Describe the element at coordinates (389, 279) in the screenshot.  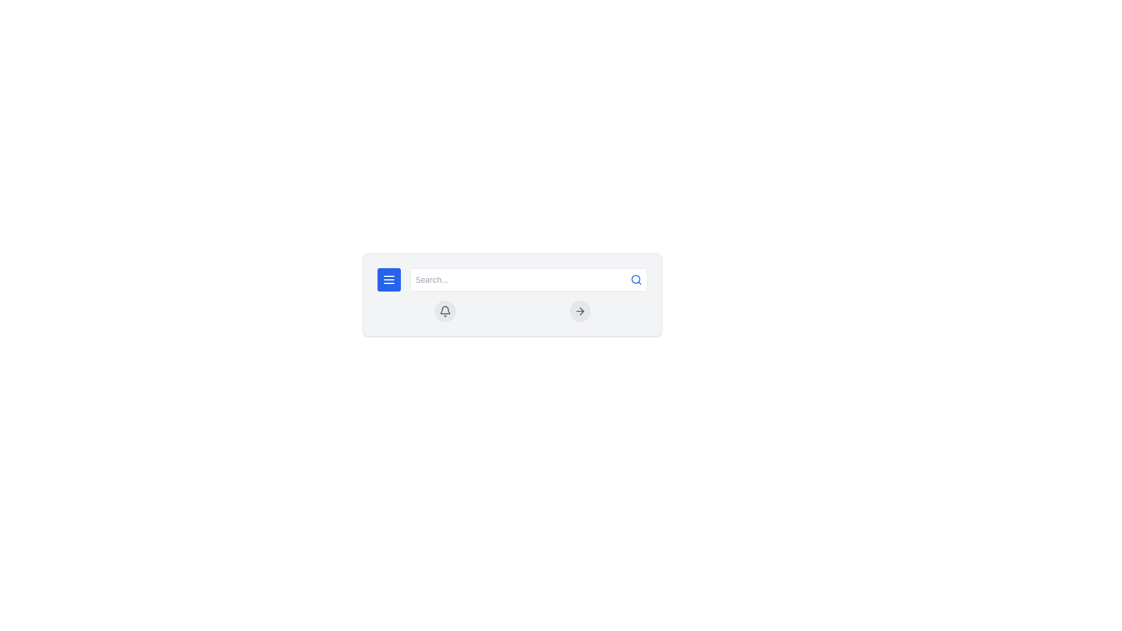
I see `the square button with a blue background and three horizontal lines icon, located to the left of the search input field for accessibility navigation` at that location.